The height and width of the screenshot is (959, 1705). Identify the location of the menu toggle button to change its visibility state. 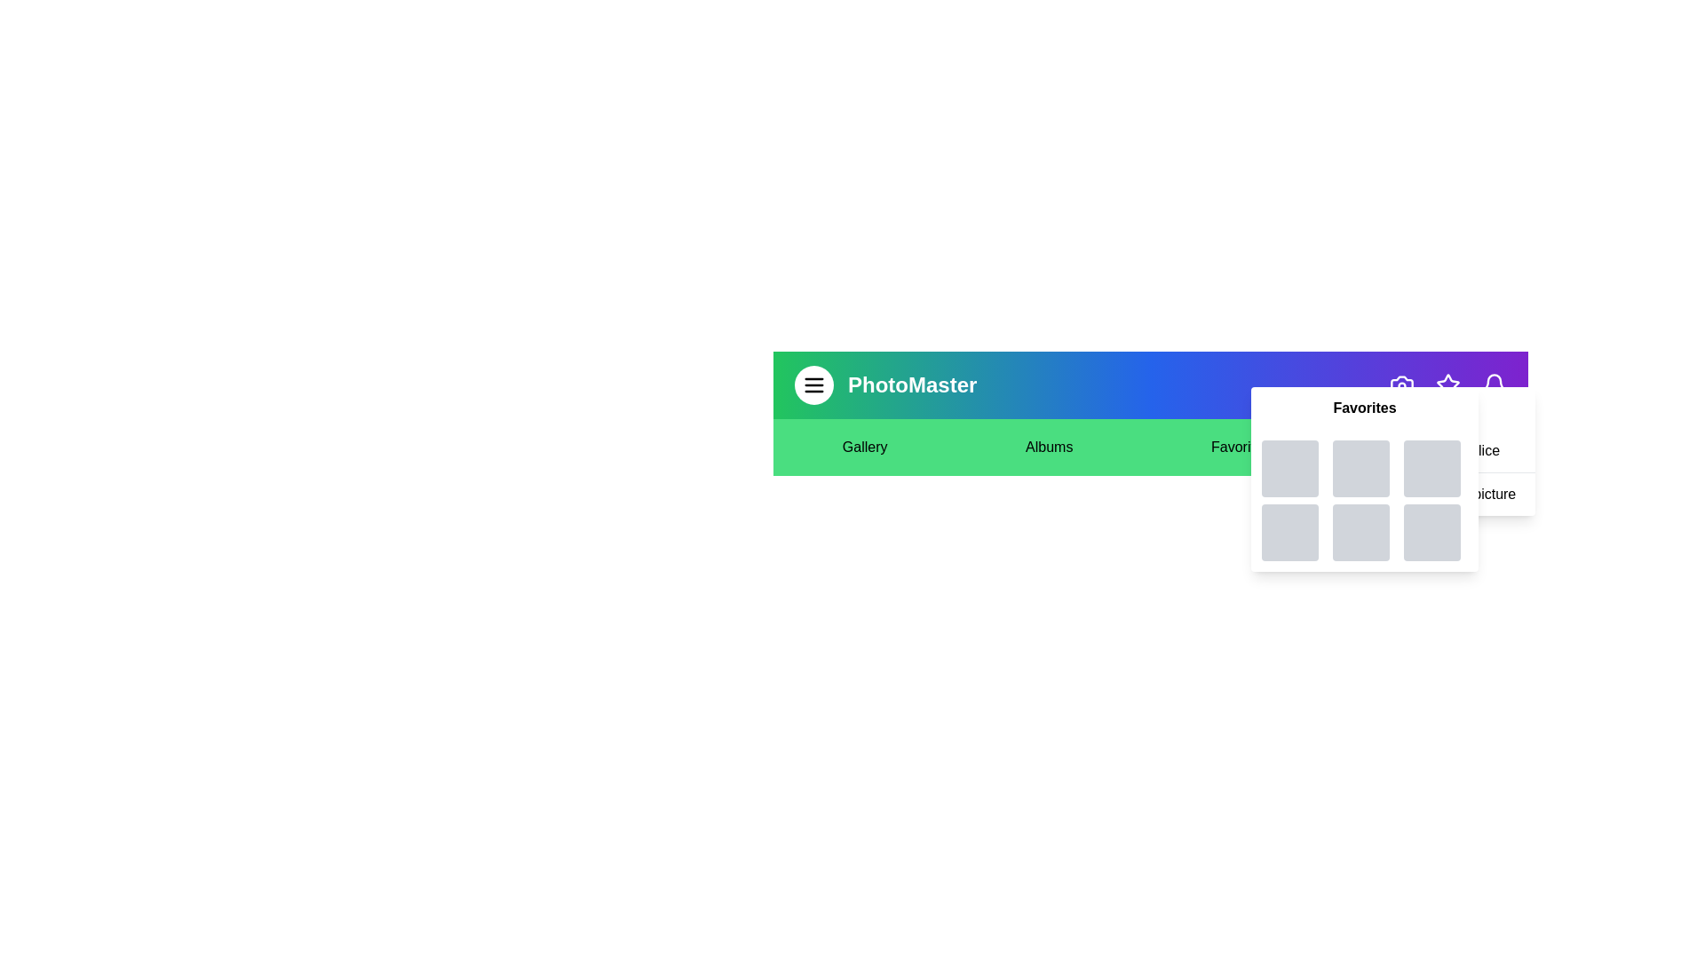
(813, 384).